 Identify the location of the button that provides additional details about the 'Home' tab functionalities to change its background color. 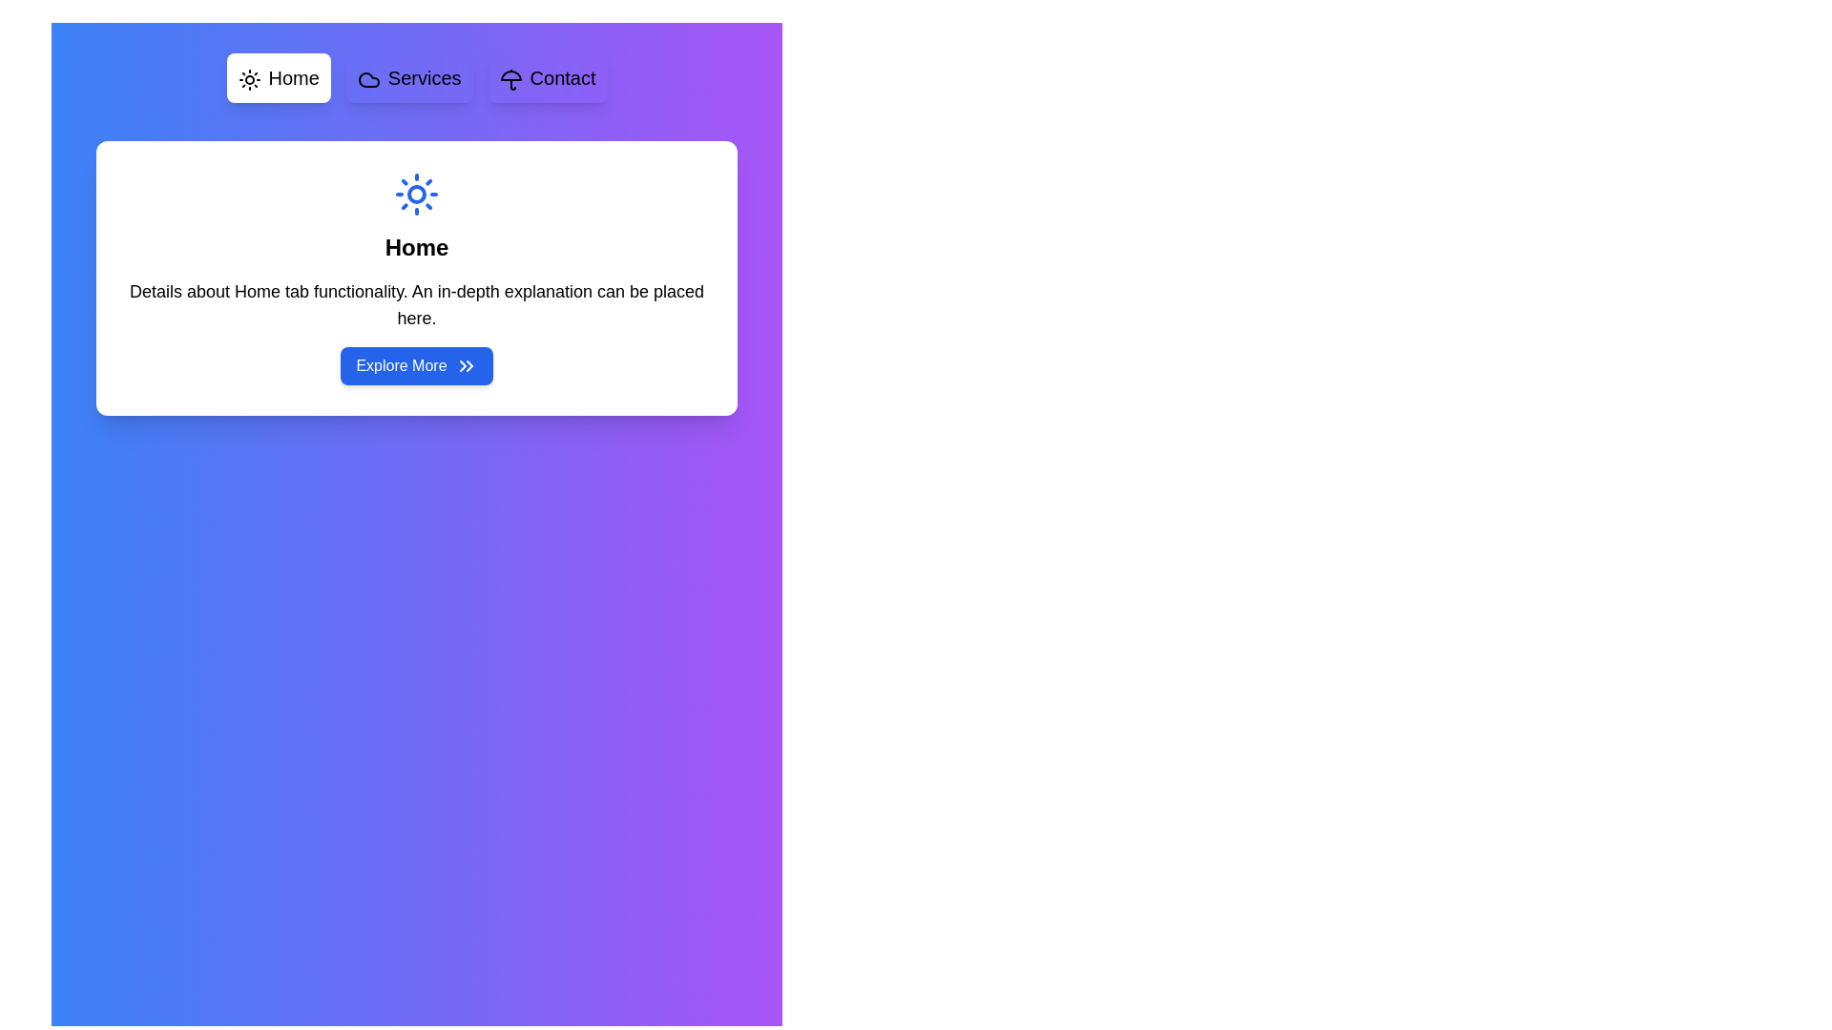
(415, 366).